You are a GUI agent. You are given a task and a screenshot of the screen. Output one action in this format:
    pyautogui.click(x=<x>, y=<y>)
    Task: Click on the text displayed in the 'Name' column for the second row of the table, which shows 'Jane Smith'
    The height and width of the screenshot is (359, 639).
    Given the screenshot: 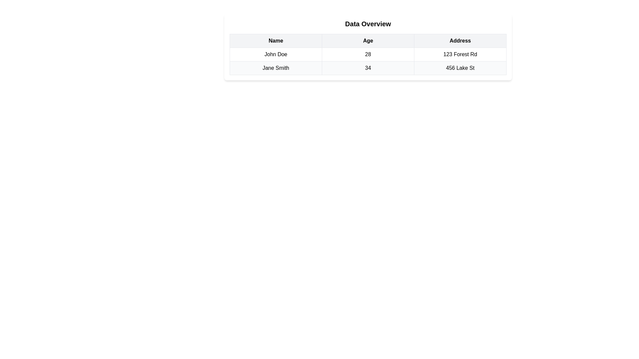 What is the action you would take?
    pyautogui.click(x=276, y=68)
    